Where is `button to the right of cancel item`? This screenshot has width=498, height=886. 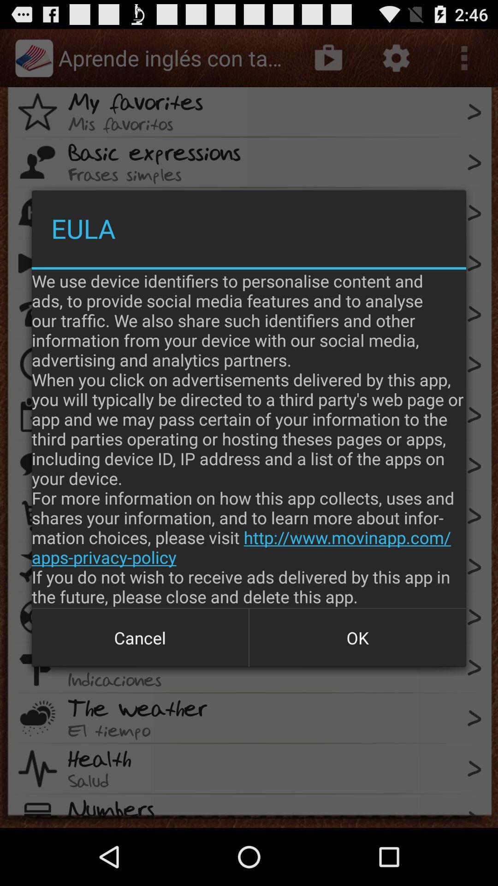 button to the right of cancel item is located at coordinates (357, 637).